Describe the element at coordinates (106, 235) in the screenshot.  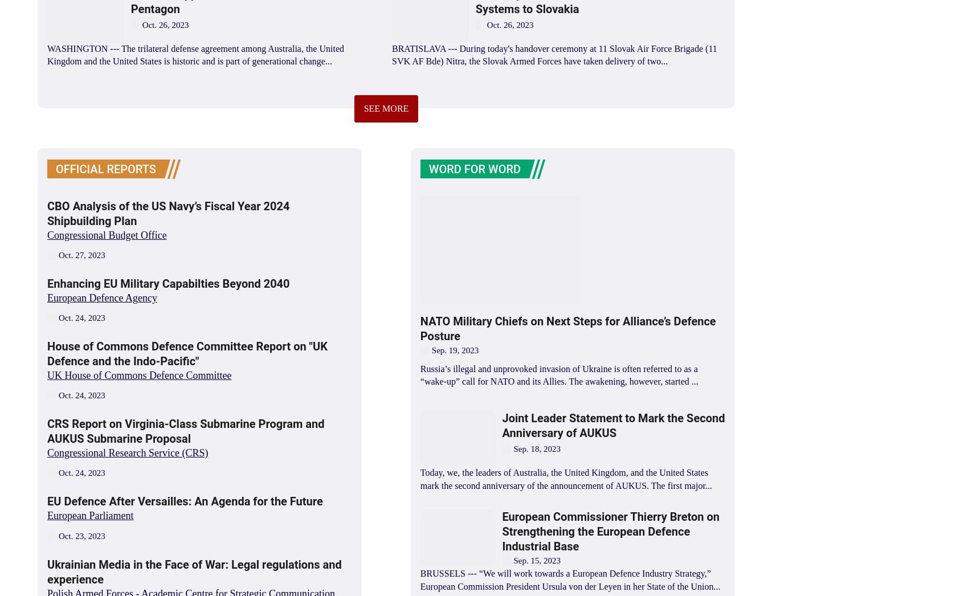
I see `'Congressional Budget Office'` at that location.